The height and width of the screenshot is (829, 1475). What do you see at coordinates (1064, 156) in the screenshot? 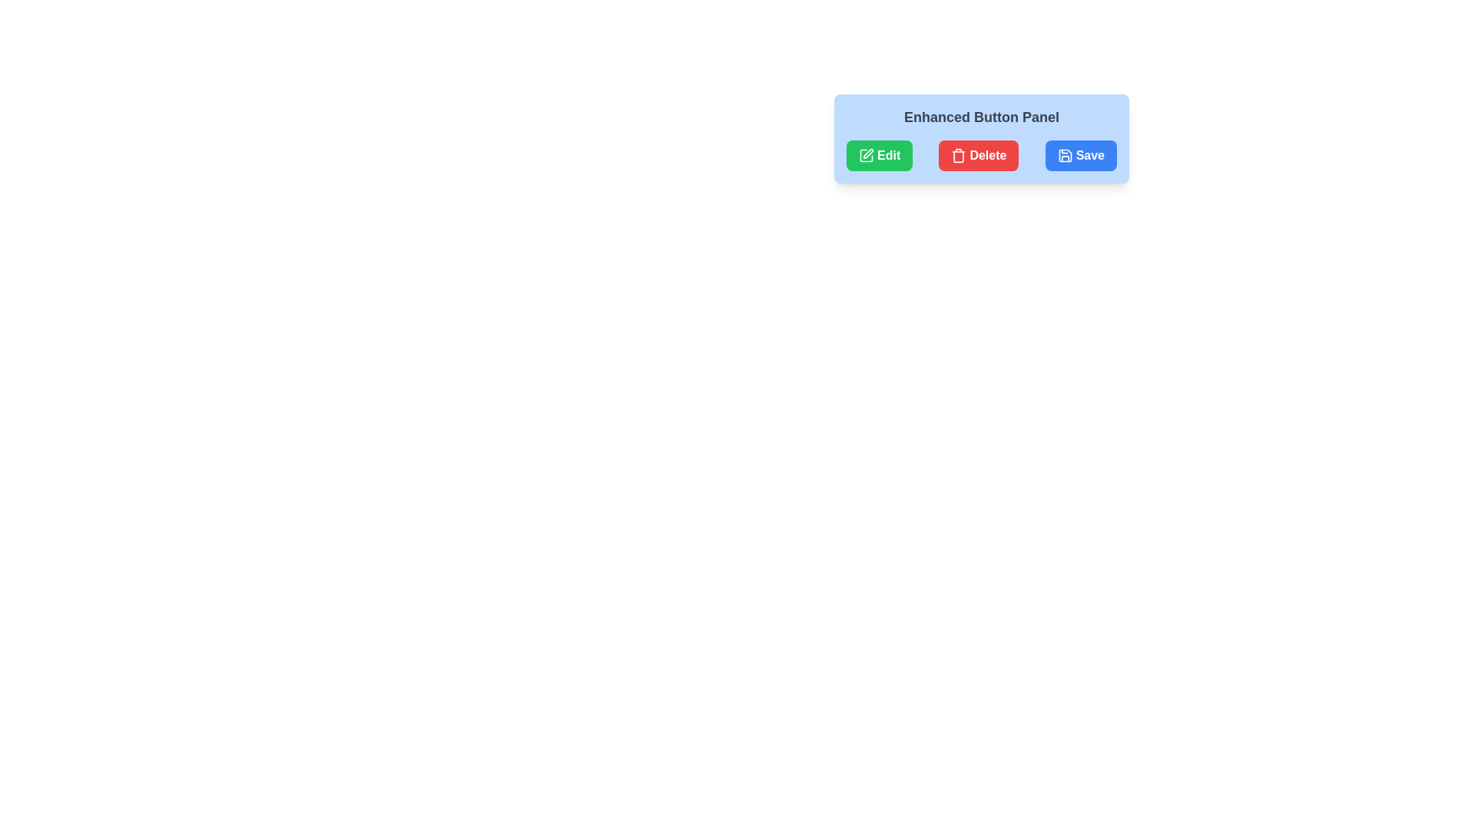
I see `the blue save icon resembling a diskette, located on the rightmost side of the horizontal button group adjacent to the Save button in the Enhanced Button Panel` at bounding box center [1064, 156].